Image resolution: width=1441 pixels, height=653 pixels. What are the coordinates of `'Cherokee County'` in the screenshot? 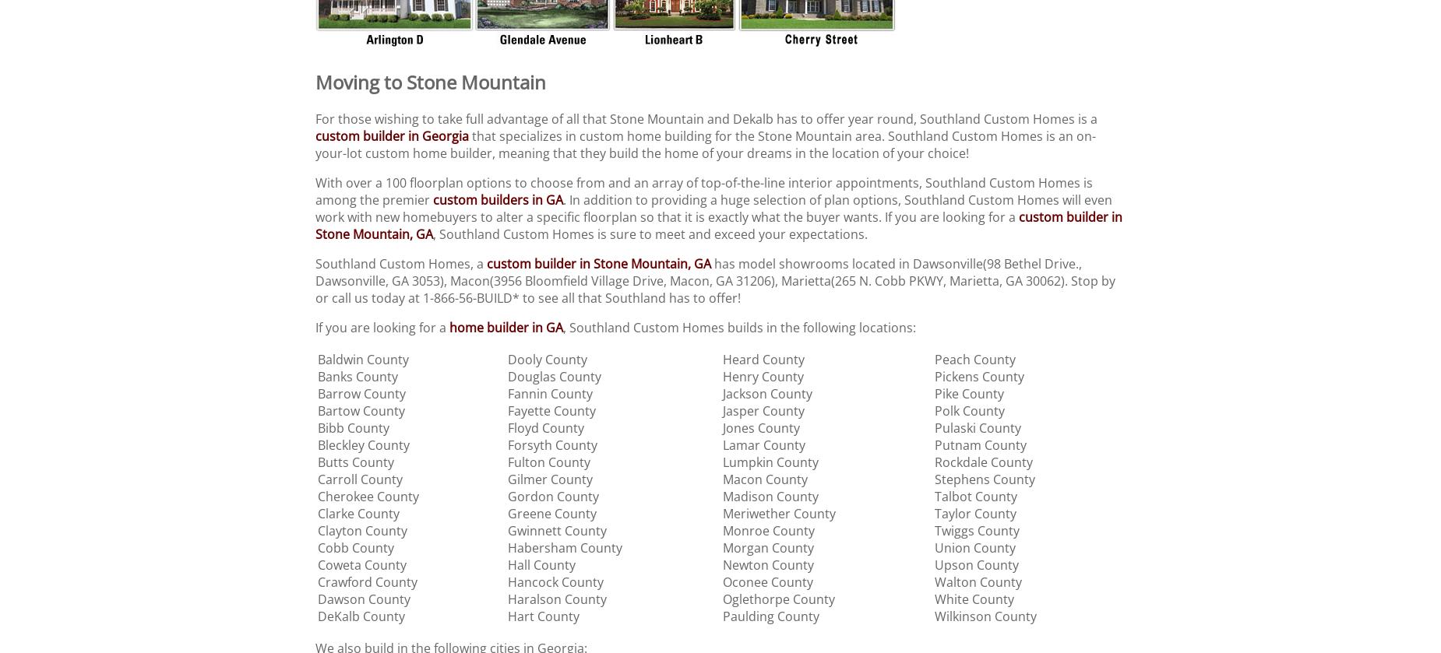 It's located at (368, 494).